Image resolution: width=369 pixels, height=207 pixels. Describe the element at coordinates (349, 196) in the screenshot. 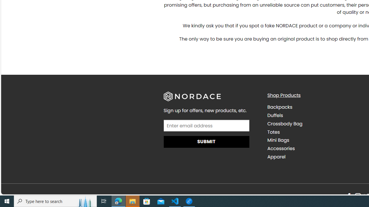

I see `'Follow on Facebook'` at that location.